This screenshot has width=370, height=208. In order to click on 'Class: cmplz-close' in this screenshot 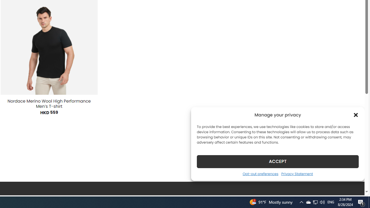, I will do `click(356, 115)`.